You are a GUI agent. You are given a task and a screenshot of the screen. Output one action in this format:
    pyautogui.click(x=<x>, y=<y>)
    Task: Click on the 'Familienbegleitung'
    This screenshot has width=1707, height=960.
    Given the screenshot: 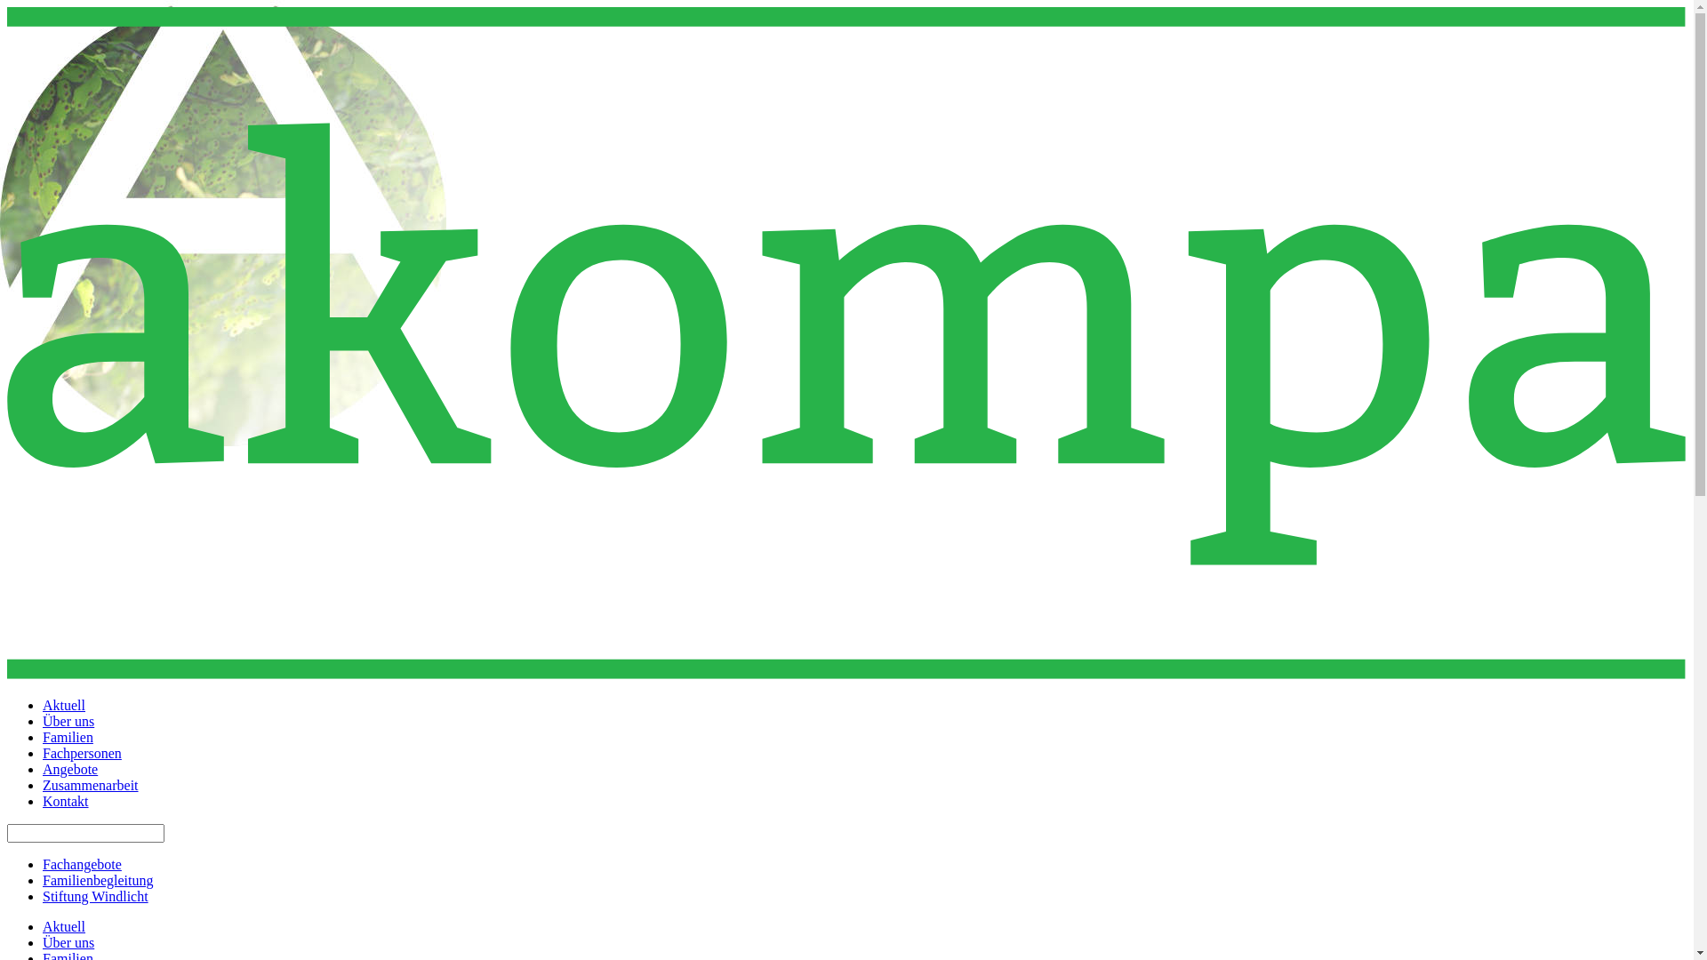 What is the action you would take?
    pyautogui.click(x=97, y=880)
    